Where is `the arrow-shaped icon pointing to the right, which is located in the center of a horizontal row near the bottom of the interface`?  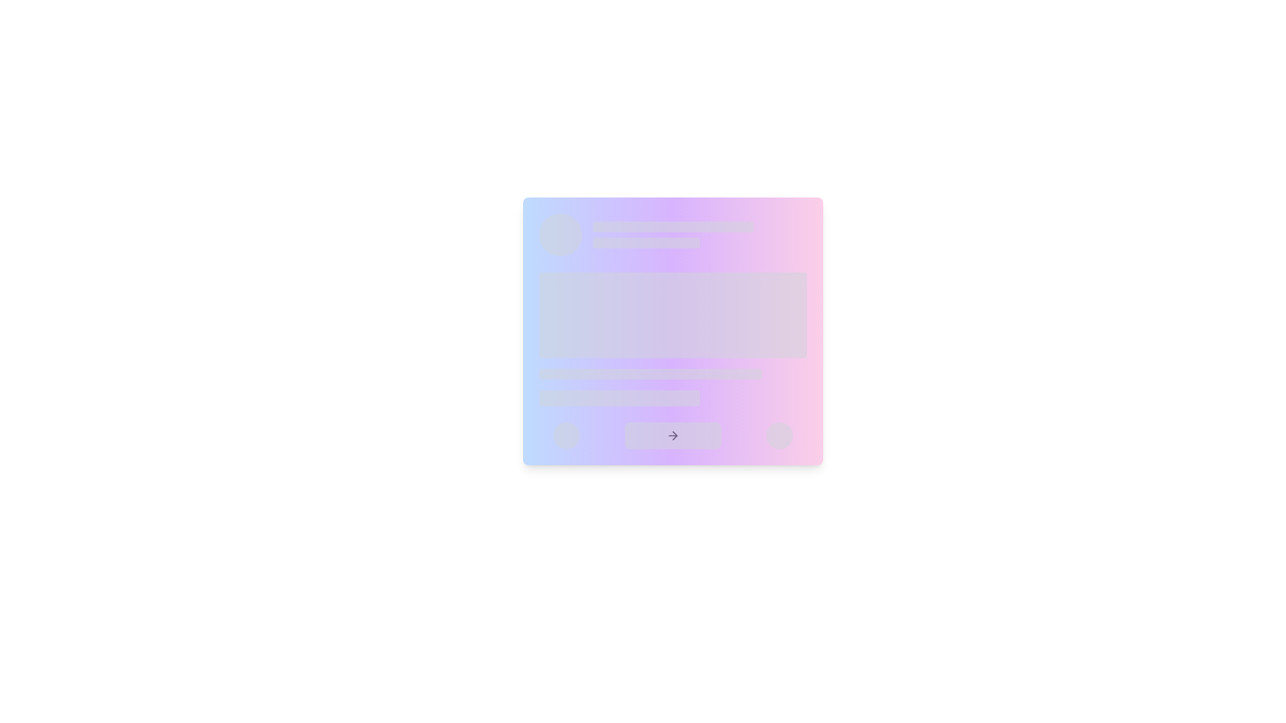
the arrow-shaped icon pointing to the right, which is located in the center of a horizontal row near the bottom of the interface is located at coordinates (672, 436).